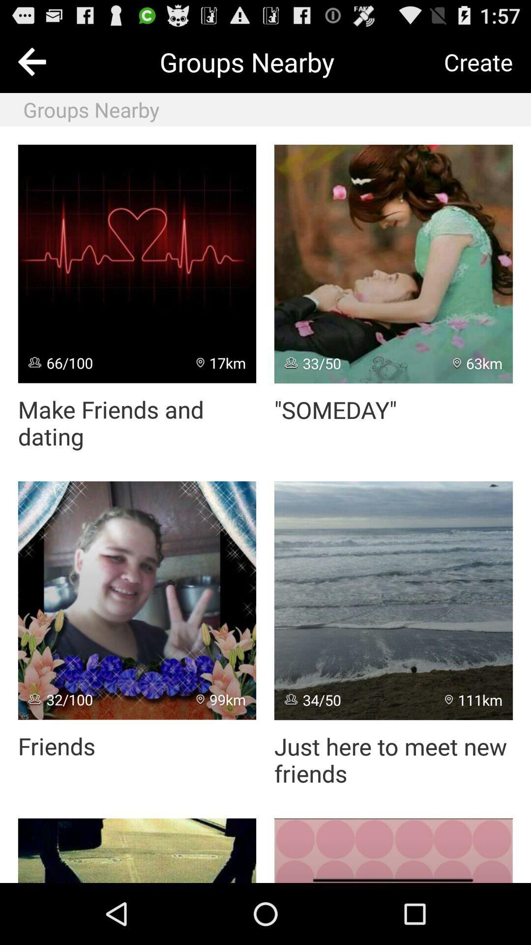 This screenshot has width=531, height=945. I want to click on 63km icon, so click(477, 363).